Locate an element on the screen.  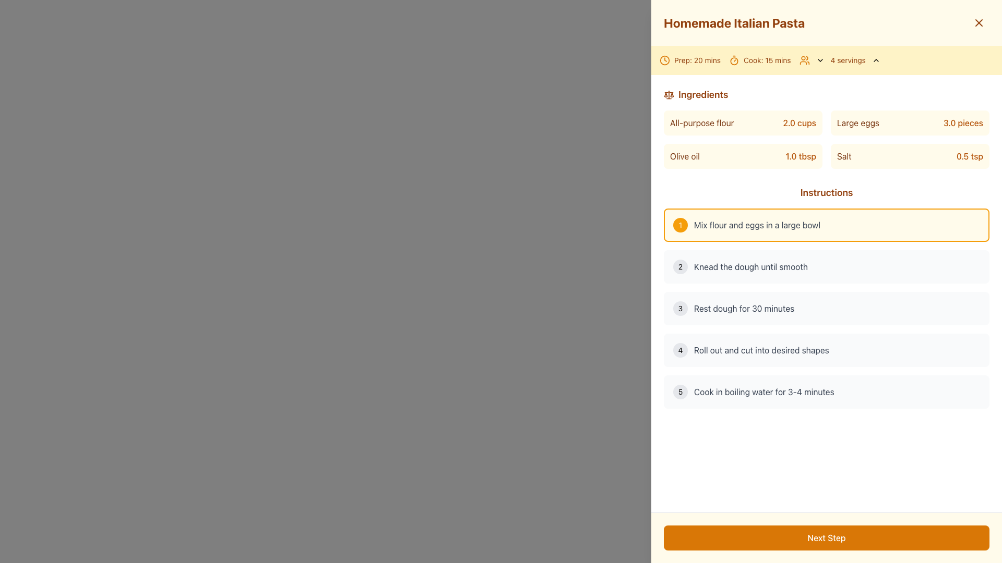
the third step indicator in the instruction steps section, which is adjacent to the text 'Rest dough for 30 minutes' is located at coordinates (681, 308).